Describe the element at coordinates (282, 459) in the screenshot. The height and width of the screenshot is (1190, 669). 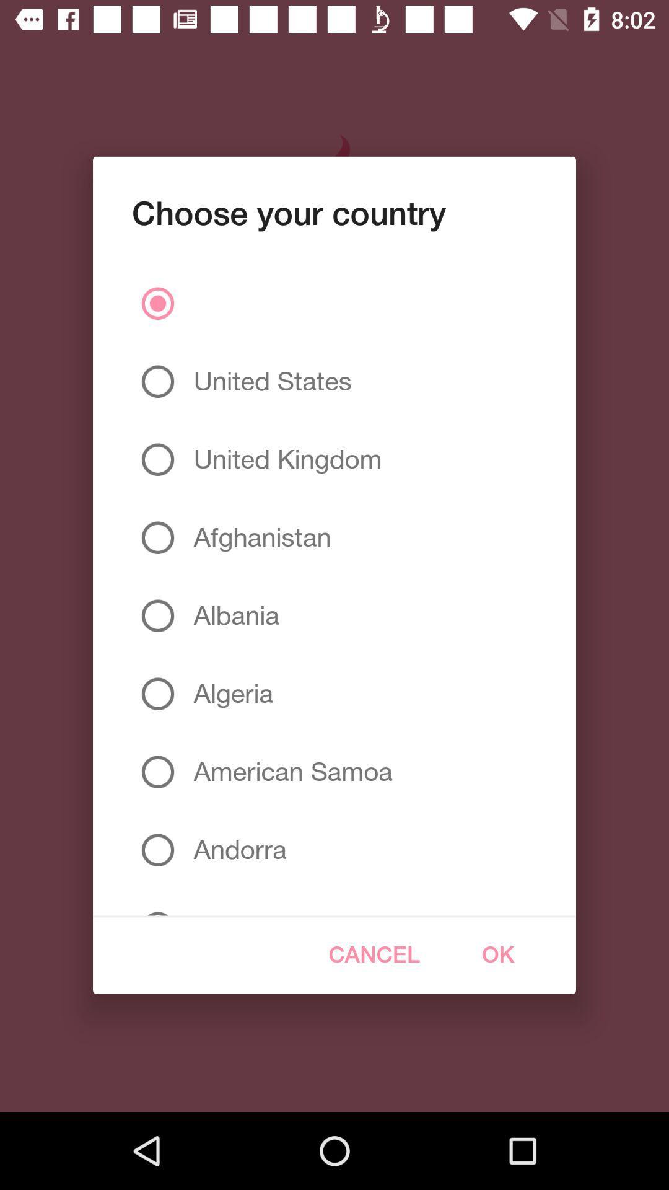
I see `the united kingdom item` at that location.